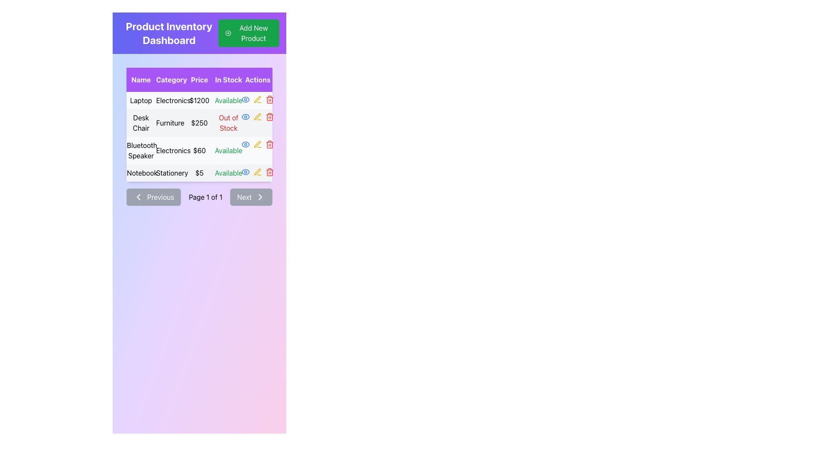 The image size is (829, 466). I want to click on the second row in the product table that displays the details of 'Desk Chair', which includes its name, category, price, and stock status, so click(199, 123).